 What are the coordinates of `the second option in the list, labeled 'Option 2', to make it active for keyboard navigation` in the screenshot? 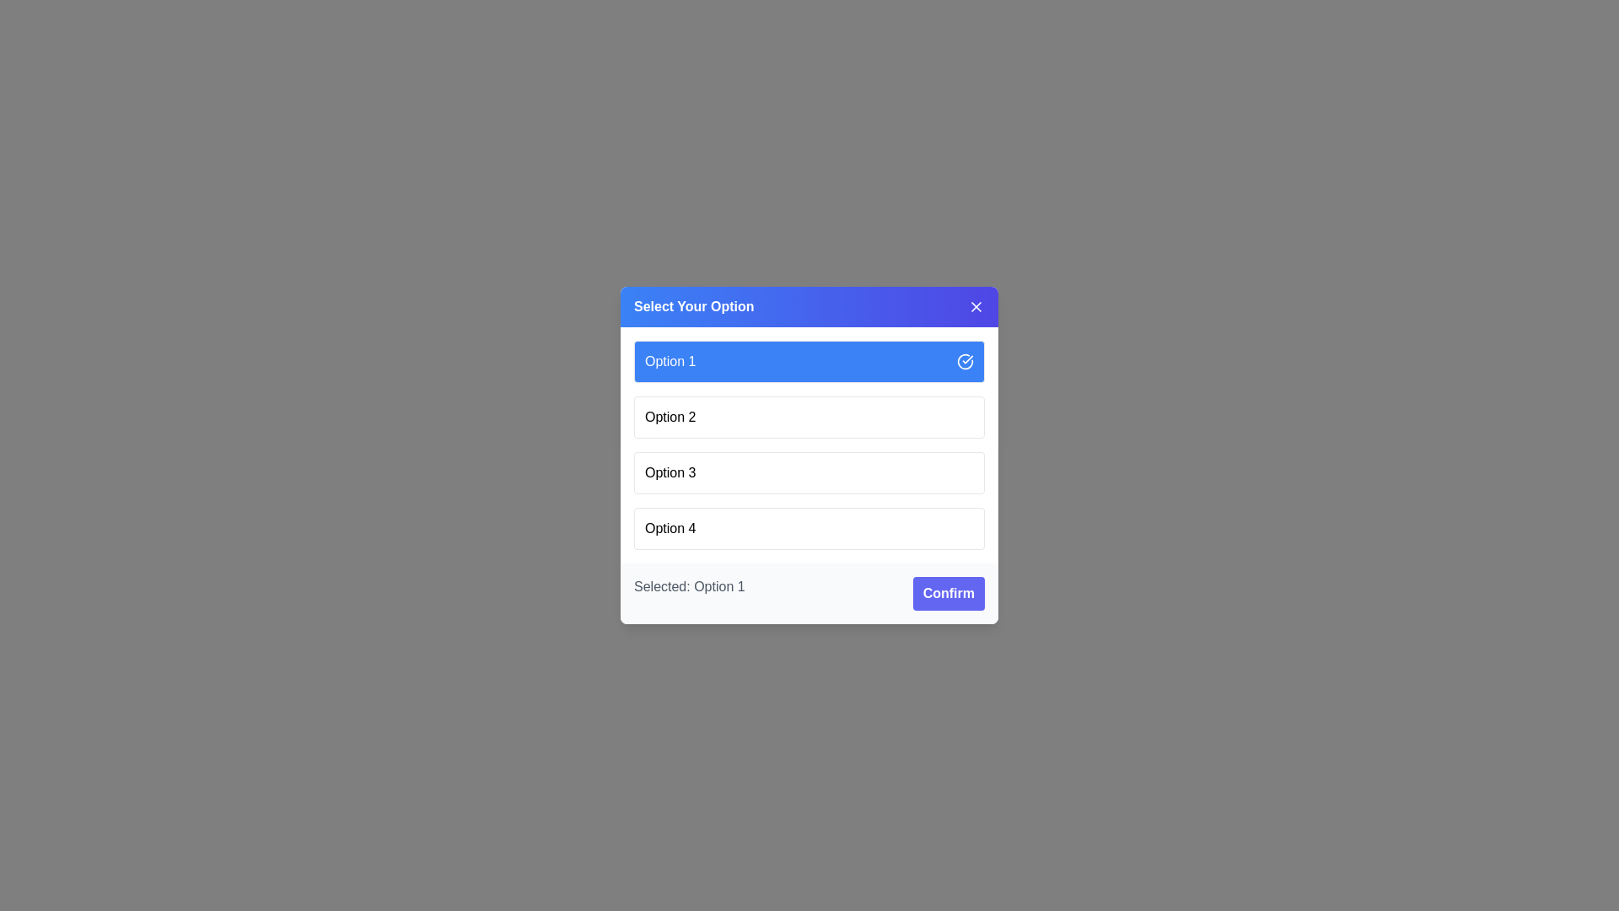 It's located at (809, 417).